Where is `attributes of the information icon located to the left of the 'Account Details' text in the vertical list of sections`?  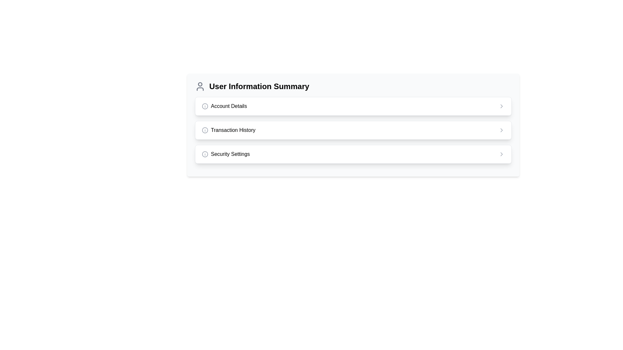
attributes of the information icon located to the left of the 'Account Details' text in the vertical list of sections is located at coordinates (205, 106).